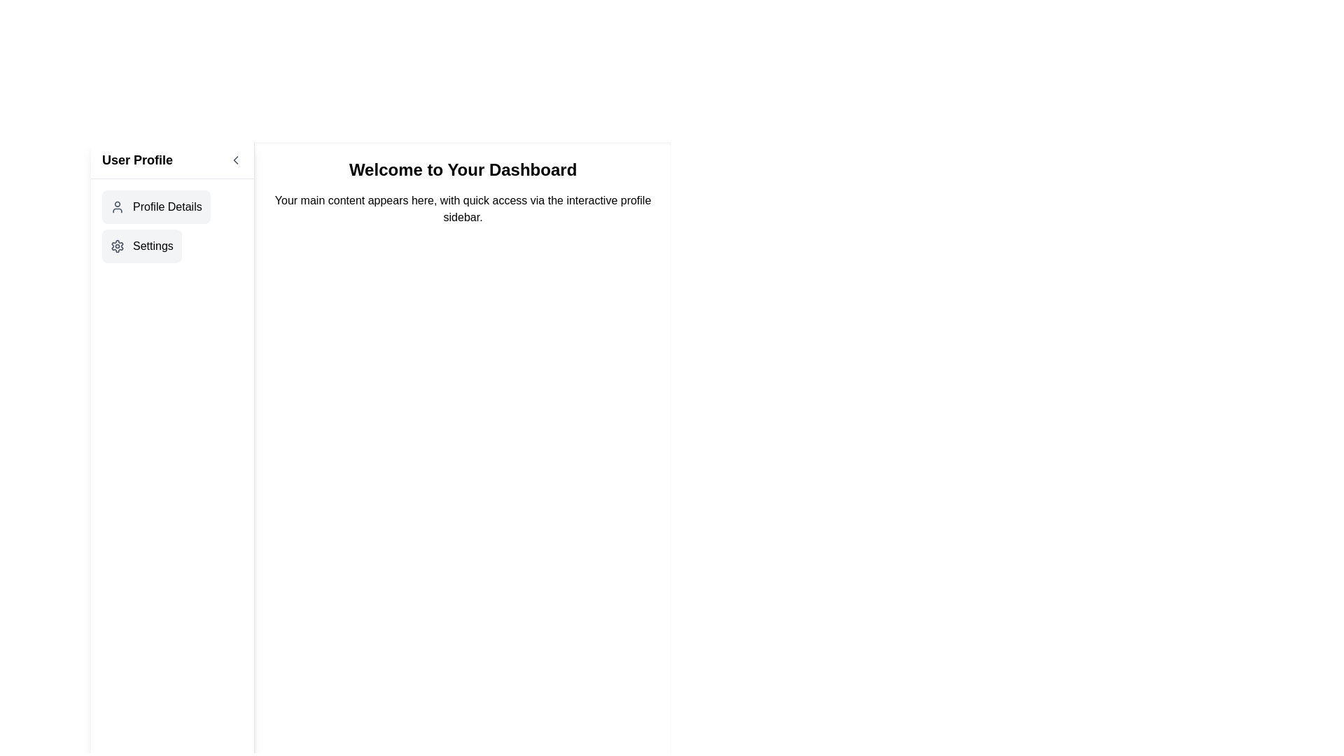  What do you see at coordinates (118, 245) in the screenshot?
I see `the 'Settings' button in the sidebar of the user profile section, which features an icon representing settings functionality` at bounding box center [118, 245].